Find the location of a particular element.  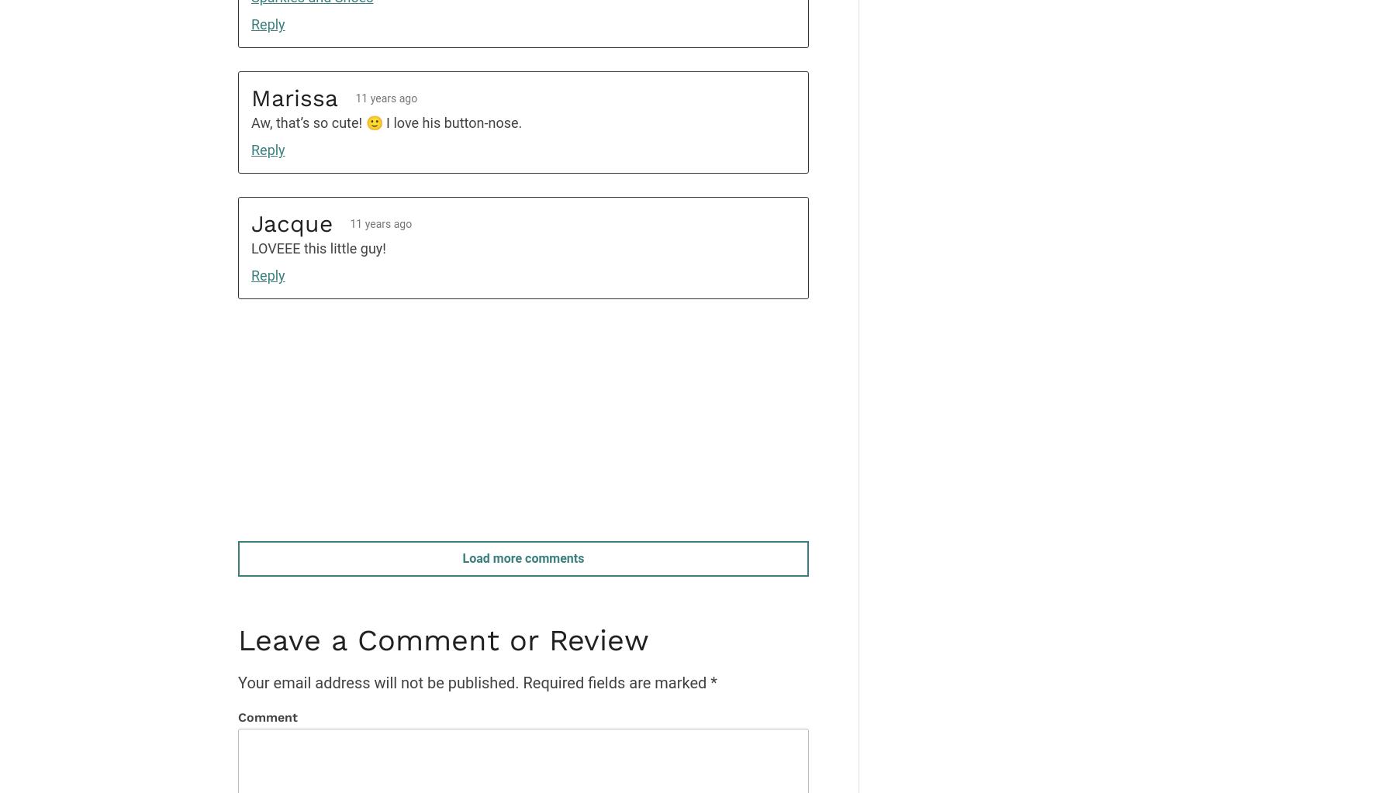

'Aw, that’s so cute! 🙂 I love his button-nose.' is located at coordinates (385, 122).